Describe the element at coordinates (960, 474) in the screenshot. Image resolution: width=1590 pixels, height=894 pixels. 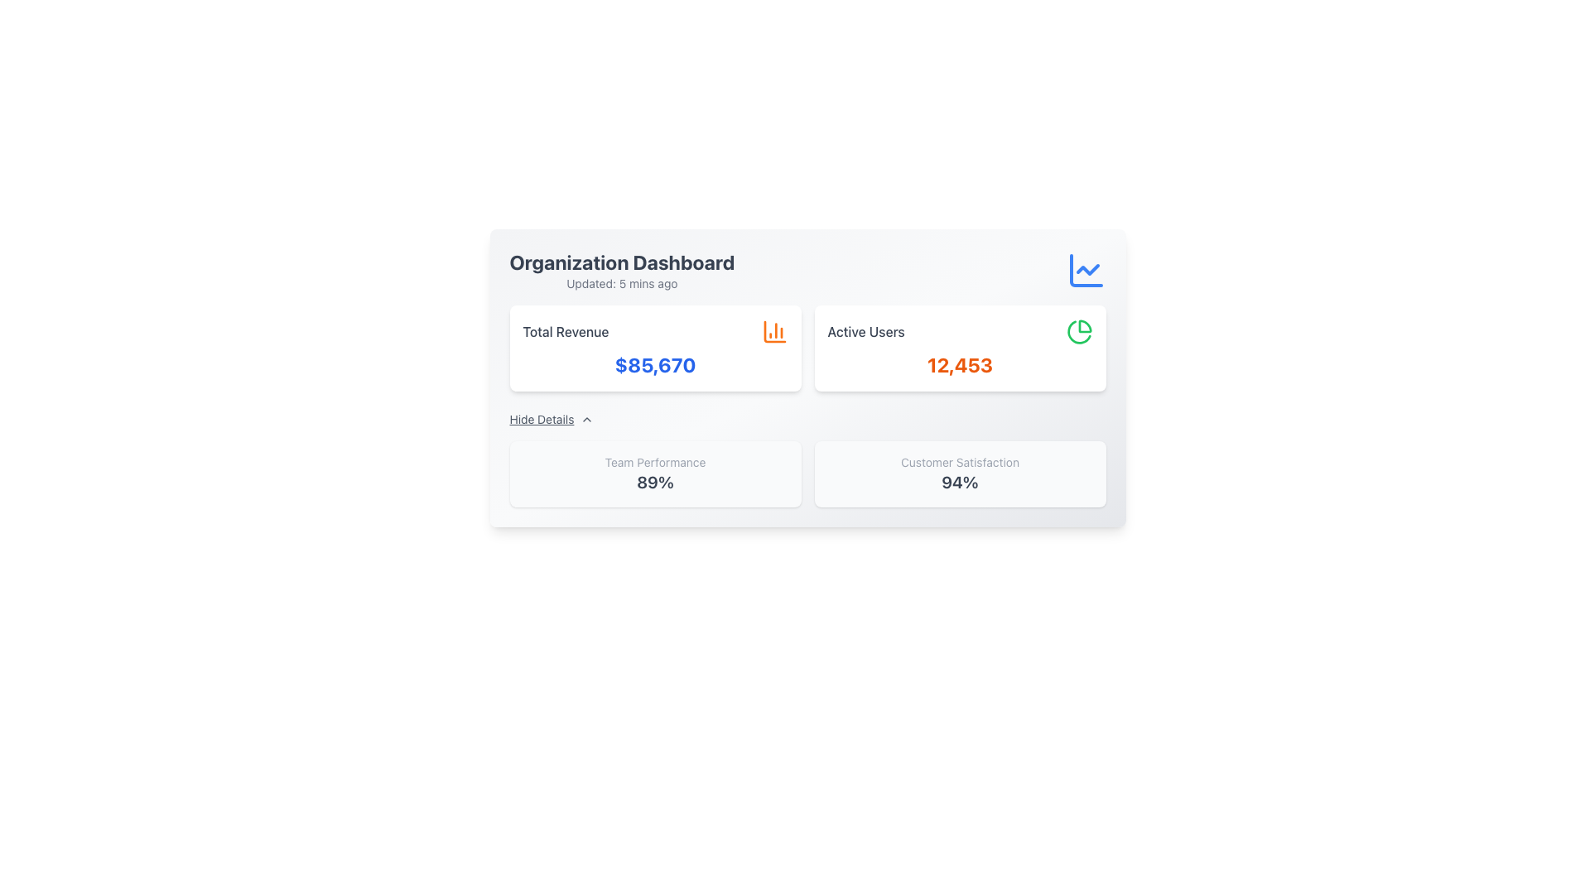
I see `the 'Customer Satisfaction' textual display card located in the lower-right section of the 'Organization Dashboard' interface, which provides a numeric performance metric` at that location.